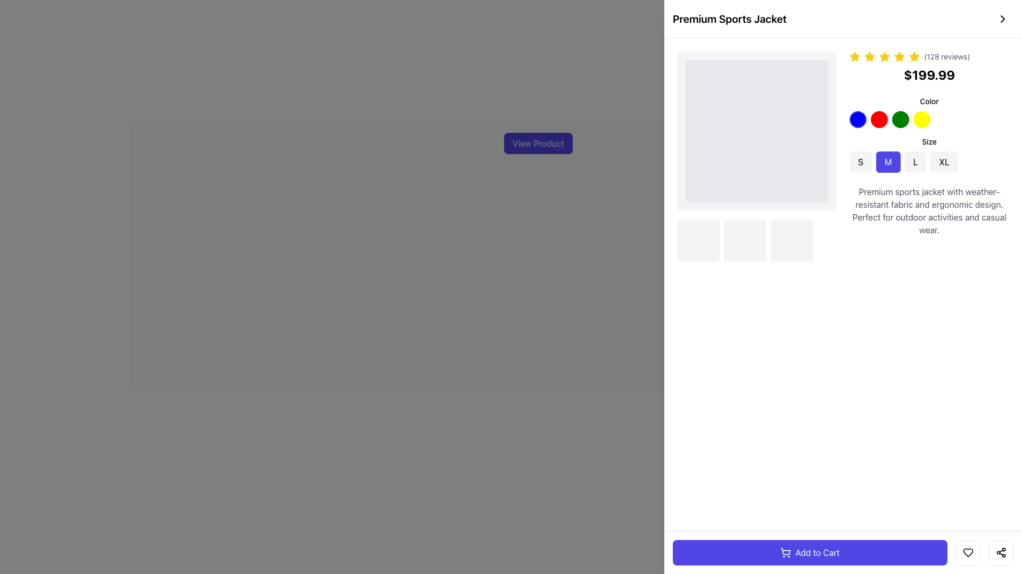  Describe the element at coordinates (858, 119) in the screenshot. I see `the first circular color option button with a blue background` at that location.